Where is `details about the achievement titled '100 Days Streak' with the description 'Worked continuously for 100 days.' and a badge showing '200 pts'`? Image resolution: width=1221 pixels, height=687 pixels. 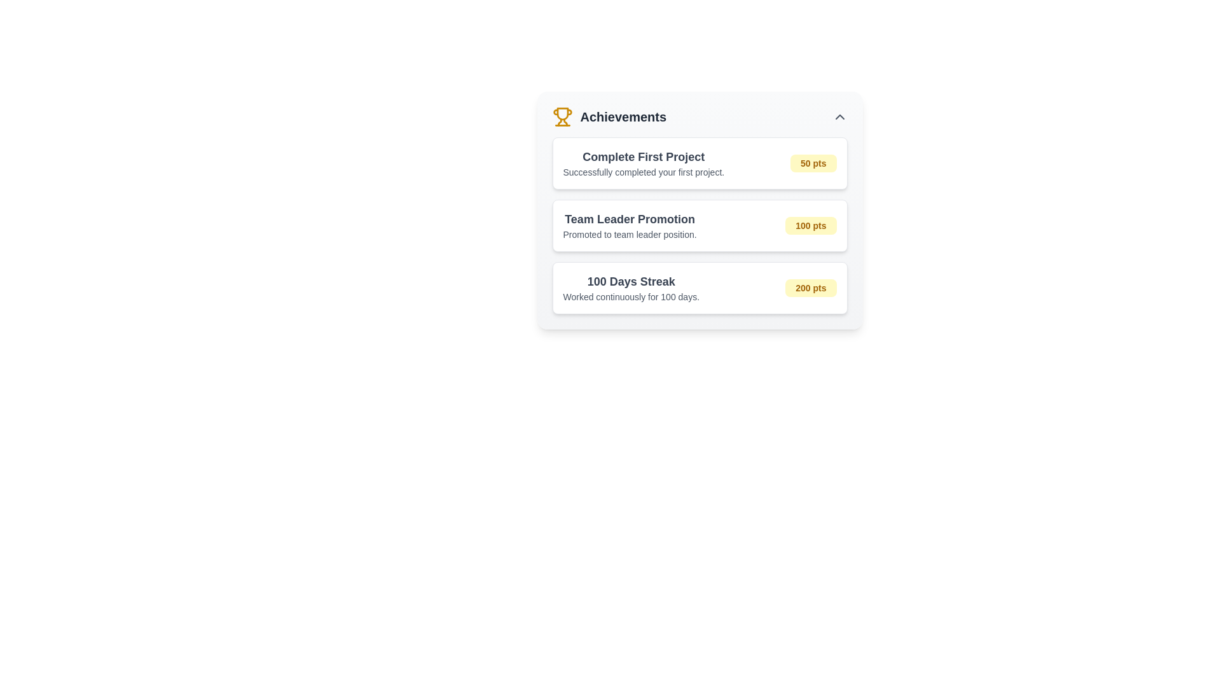
details about the achievement titled '100 Days Streak' with the description 'Worked continuously for 100 days.' and a badge showing '200 pts' is located at coordinates (698, 288).